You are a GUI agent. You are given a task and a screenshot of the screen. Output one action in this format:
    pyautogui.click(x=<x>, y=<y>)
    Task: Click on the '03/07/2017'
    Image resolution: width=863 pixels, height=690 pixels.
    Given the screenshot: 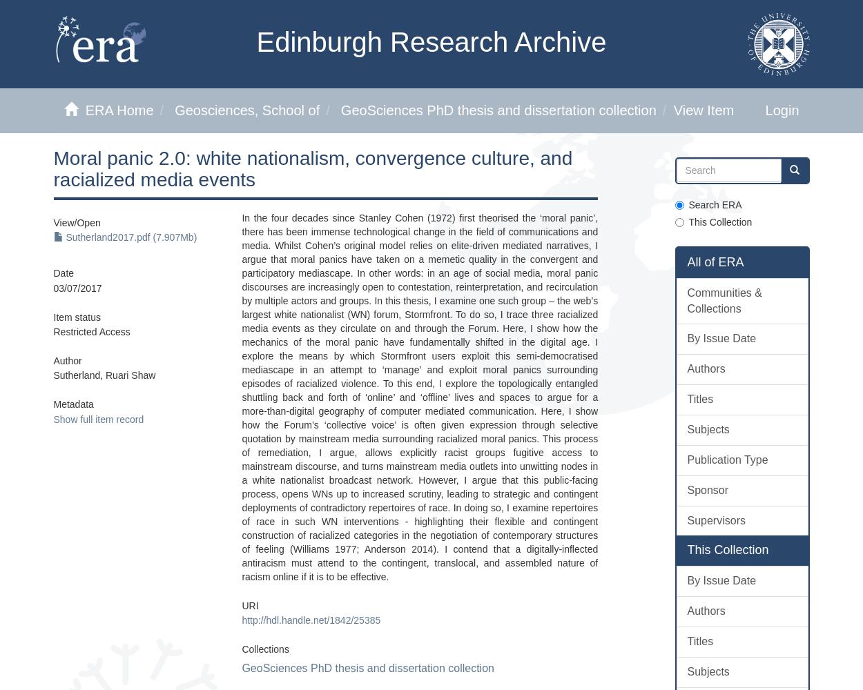 What is the action you would take?
    pyautogui.click(x=77, y=288)
    